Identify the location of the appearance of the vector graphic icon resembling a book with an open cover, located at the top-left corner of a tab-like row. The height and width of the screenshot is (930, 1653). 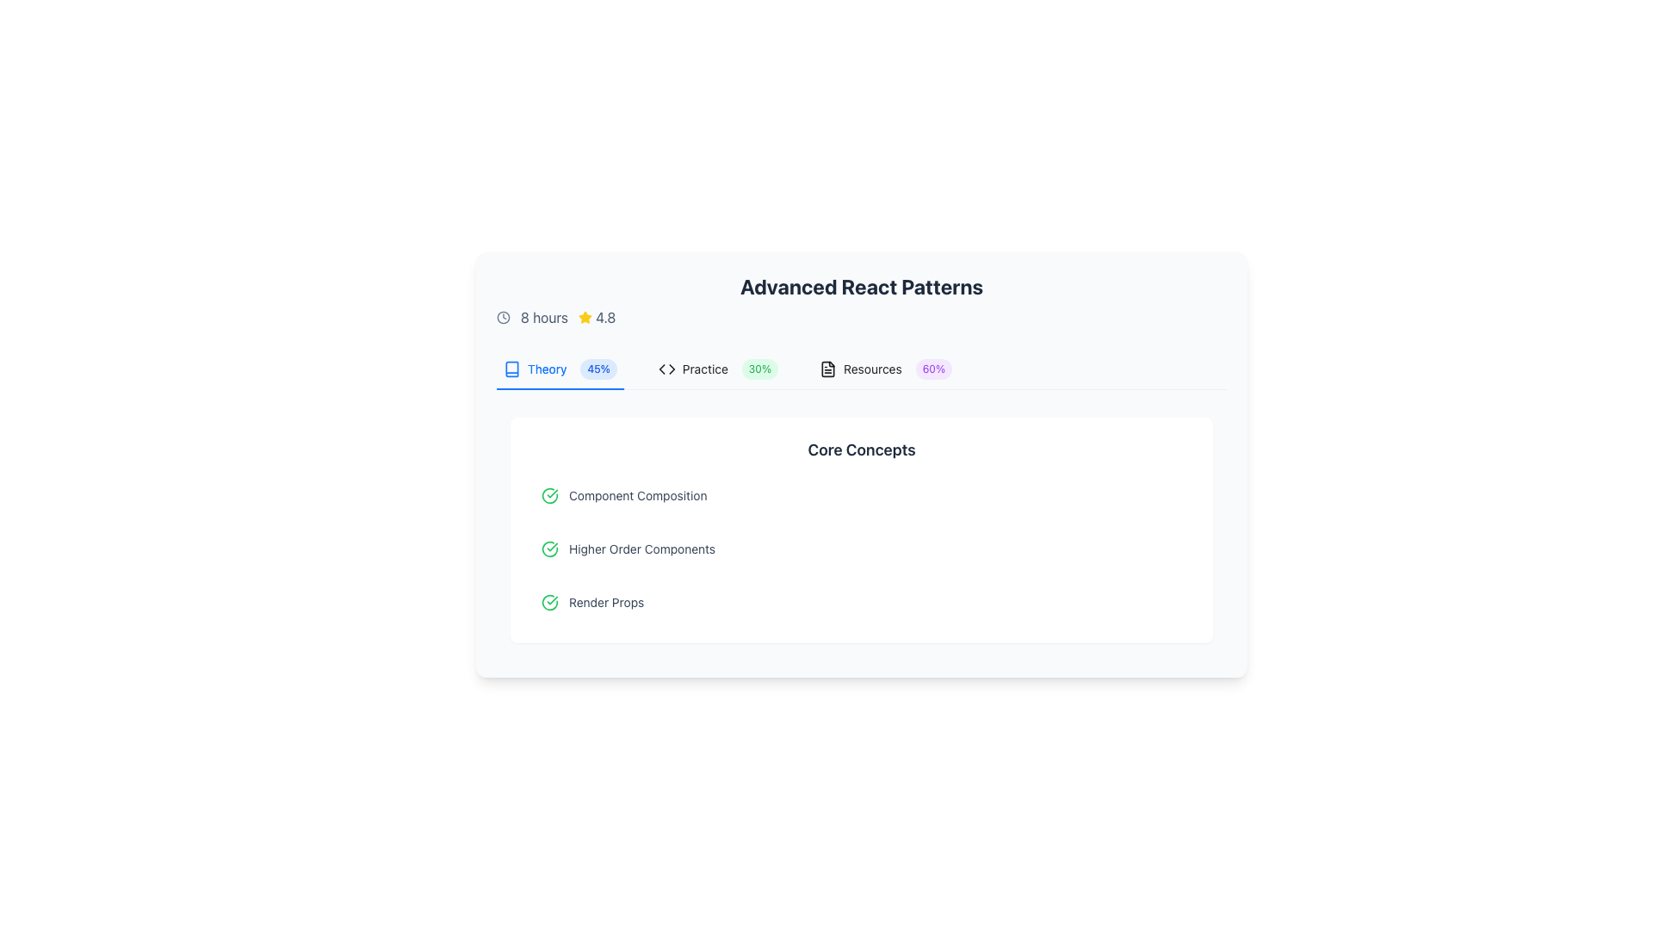
(511, 368).